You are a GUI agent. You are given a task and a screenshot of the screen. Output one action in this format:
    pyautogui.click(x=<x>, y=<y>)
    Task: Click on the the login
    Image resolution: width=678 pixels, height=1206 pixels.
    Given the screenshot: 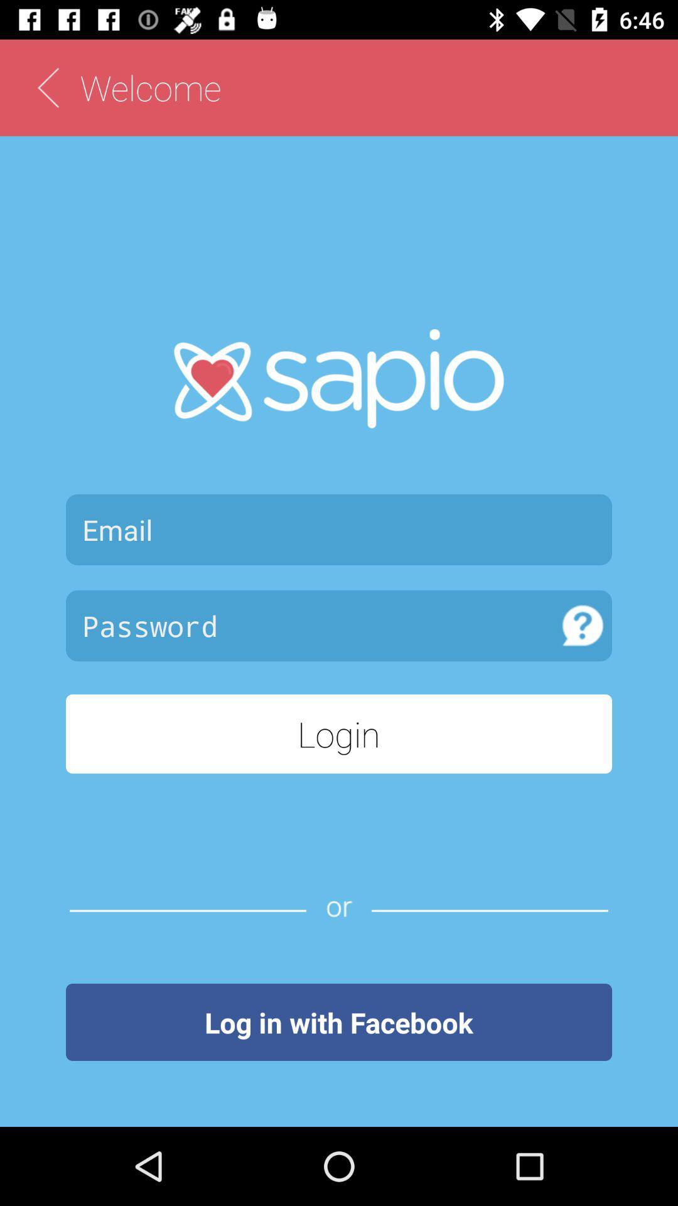 What is the action you would take?
    pyautogui.click(x=339, y=734)
    